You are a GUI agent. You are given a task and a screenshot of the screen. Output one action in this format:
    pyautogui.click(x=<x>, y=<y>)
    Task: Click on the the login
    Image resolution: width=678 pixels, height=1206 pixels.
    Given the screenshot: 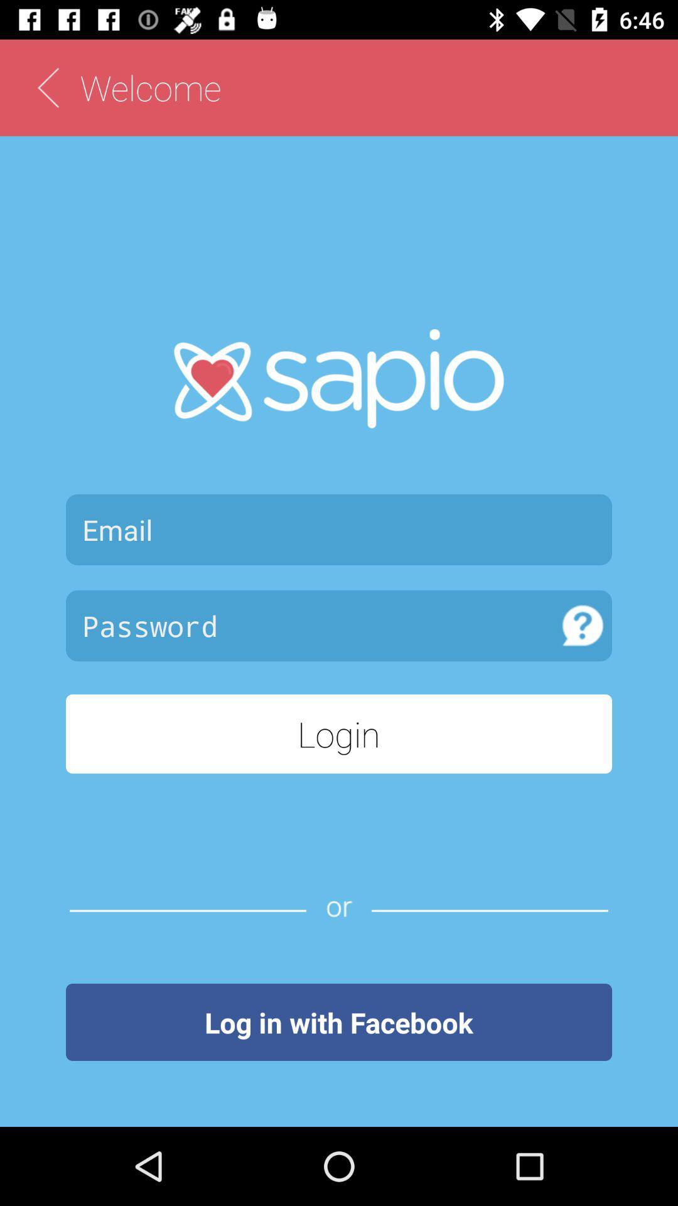 What is the action you would take?
    pyautogui.click(x=339, y=734)
    